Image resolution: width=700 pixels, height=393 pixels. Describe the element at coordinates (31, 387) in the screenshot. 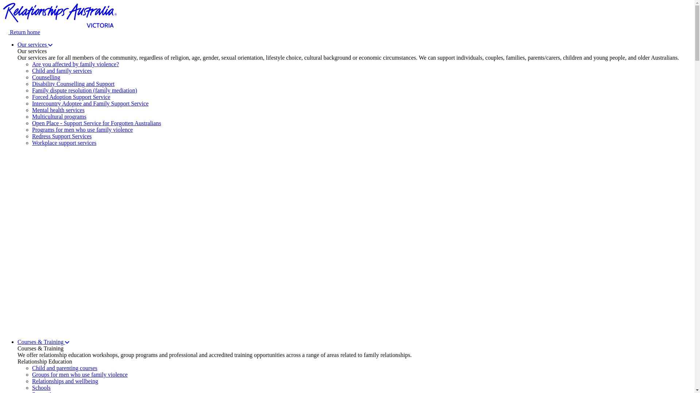

I see `'Schools'` at that location.